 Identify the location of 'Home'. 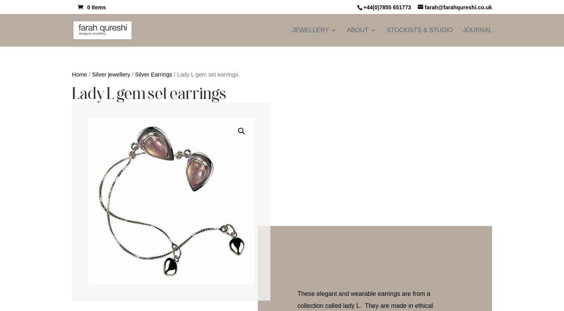
(79, 74).